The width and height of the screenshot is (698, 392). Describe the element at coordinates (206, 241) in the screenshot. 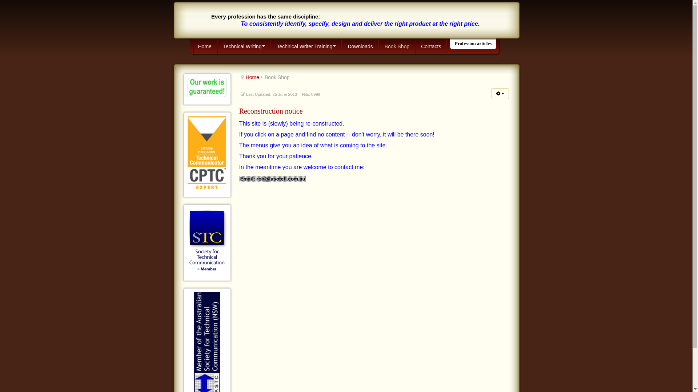

I see `'STC logo'` at that location.